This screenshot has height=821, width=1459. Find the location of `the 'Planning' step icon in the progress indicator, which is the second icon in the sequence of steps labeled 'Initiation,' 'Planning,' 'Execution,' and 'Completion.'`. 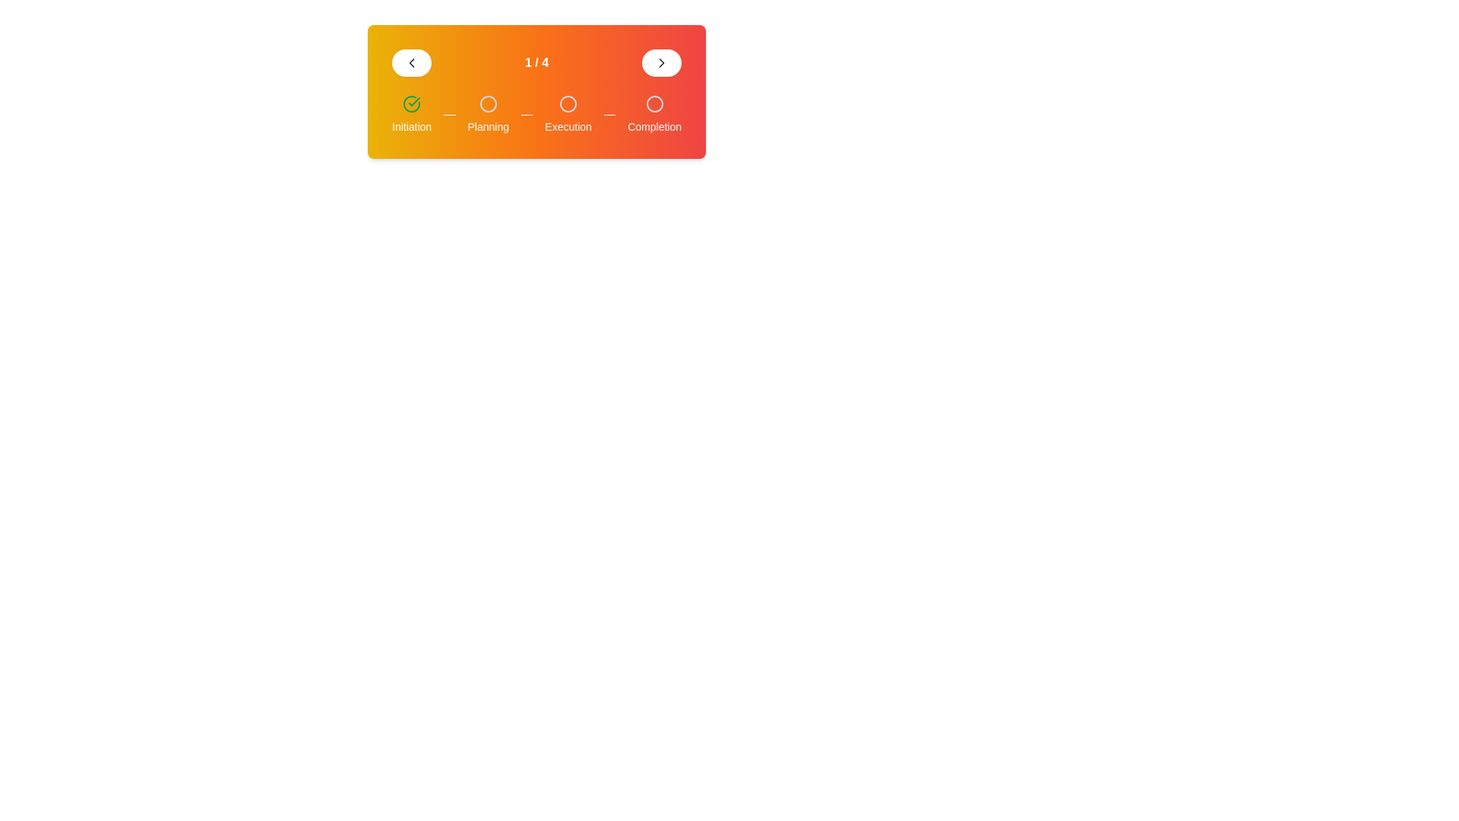

the 'Planning' step icon in the progress indicator, which is the second icon in the sequence of steps labeled 'Initiation,' 'Planning,' 'Execution,' and 'Completion.' is located at coordinates (488, 103).